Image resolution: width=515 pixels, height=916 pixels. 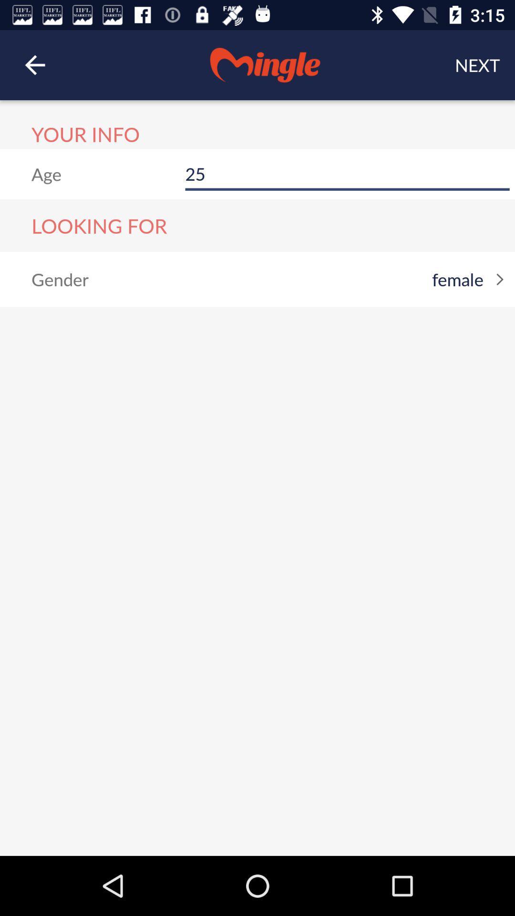 What do you see at coordinates (347, 174) in the screenshot?
I see `icon next to age icon` at bounding box center [347, 174].